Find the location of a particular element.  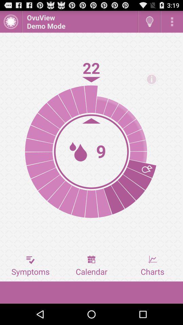

calendar icon is located at coordinates (91, 266).